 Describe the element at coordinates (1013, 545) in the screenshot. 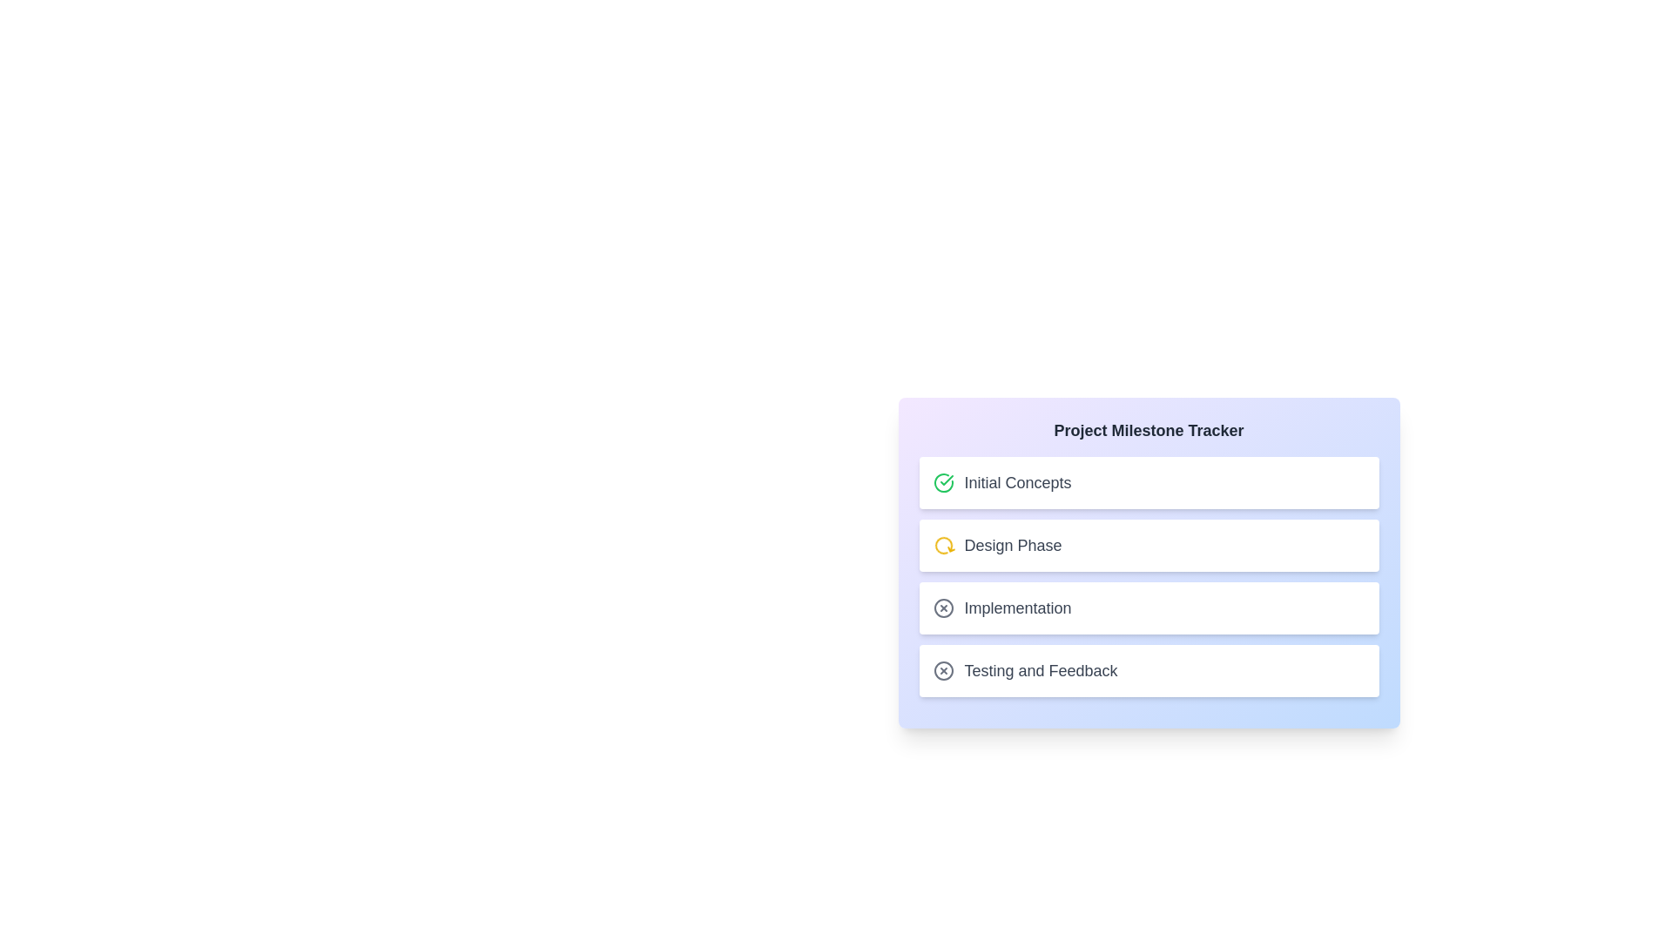

I see `the 'Design Phase' text label, which is styled in medium gray and is the second entry in the 'Project Milestone Tracker' section, accompanied by a yellow icon` at that location.